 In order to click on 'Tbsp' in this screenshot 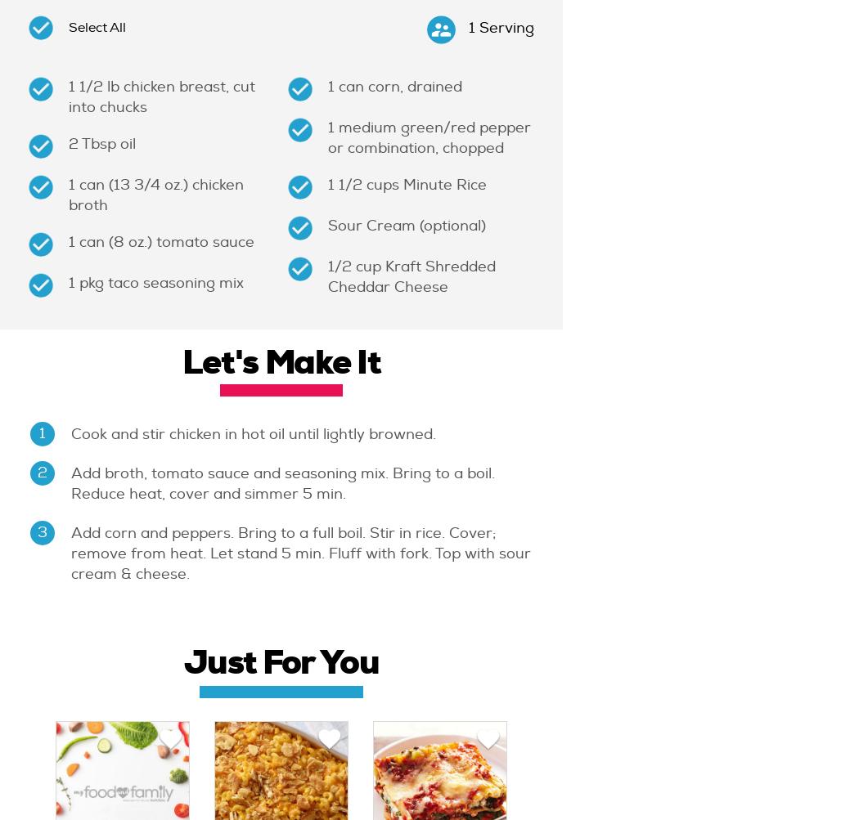, I will do `click(100, 143)`.